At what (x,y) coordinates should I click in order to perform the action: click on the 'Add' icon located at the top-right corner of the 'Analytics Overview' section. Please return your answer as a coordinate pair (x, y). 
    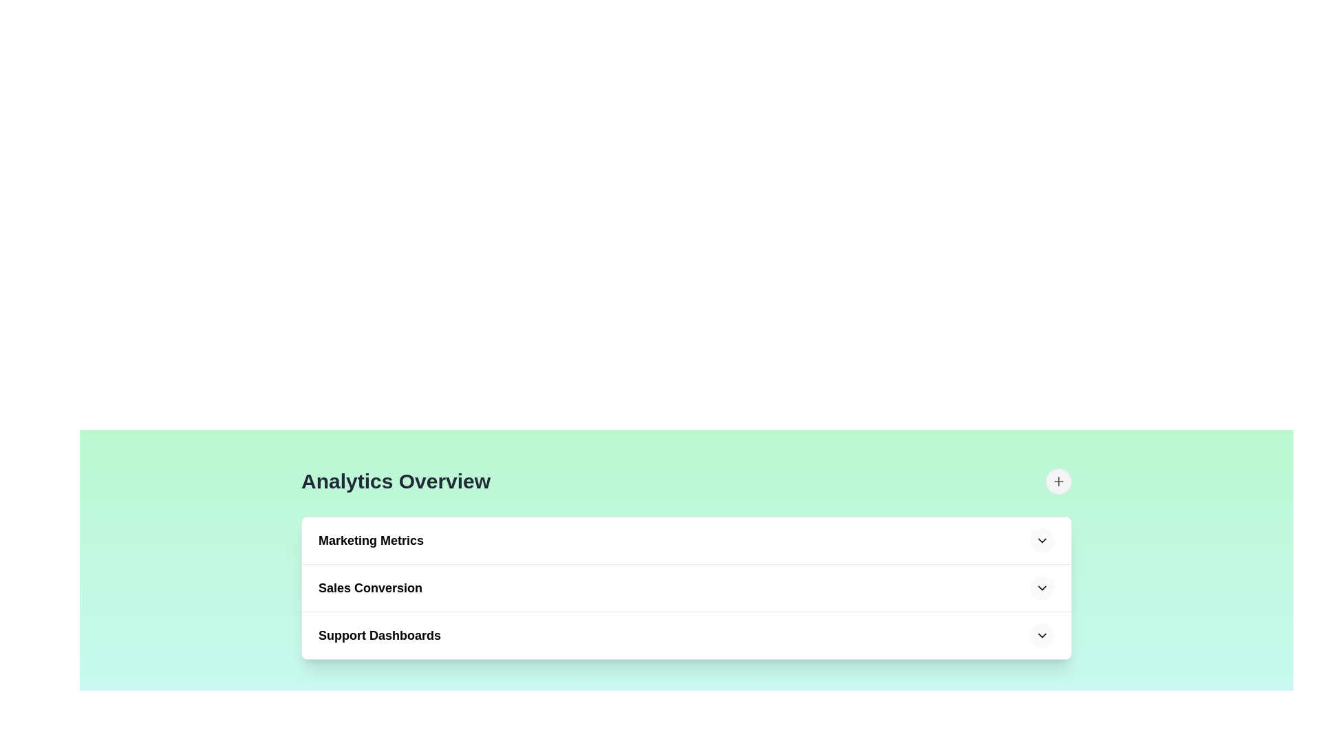
    Looking at the image, I should click on (1058, 480).